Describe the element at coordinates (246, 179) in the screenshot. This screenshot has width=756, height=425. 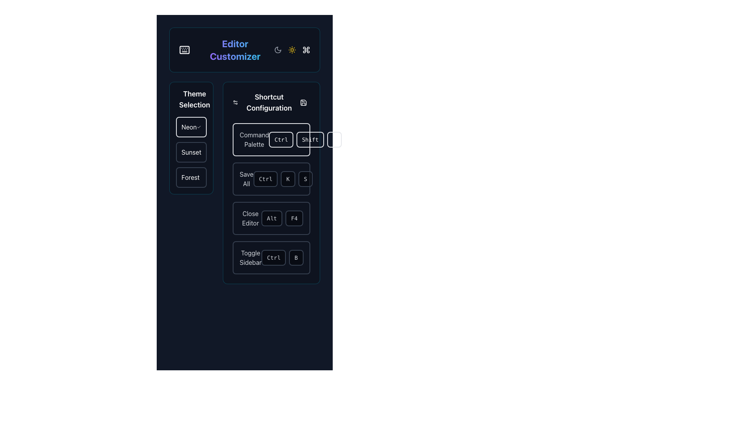
I see `the gray-colored text label displaying 'Save All' located at the top-left of the button-like section in the 'Shortcut Configuration' panel` at that location.